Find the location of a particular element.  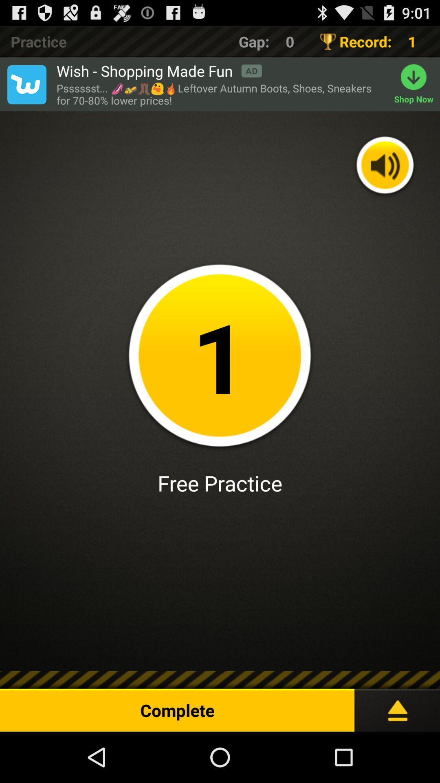

the twitter icon is located at coordinates (26, 90).